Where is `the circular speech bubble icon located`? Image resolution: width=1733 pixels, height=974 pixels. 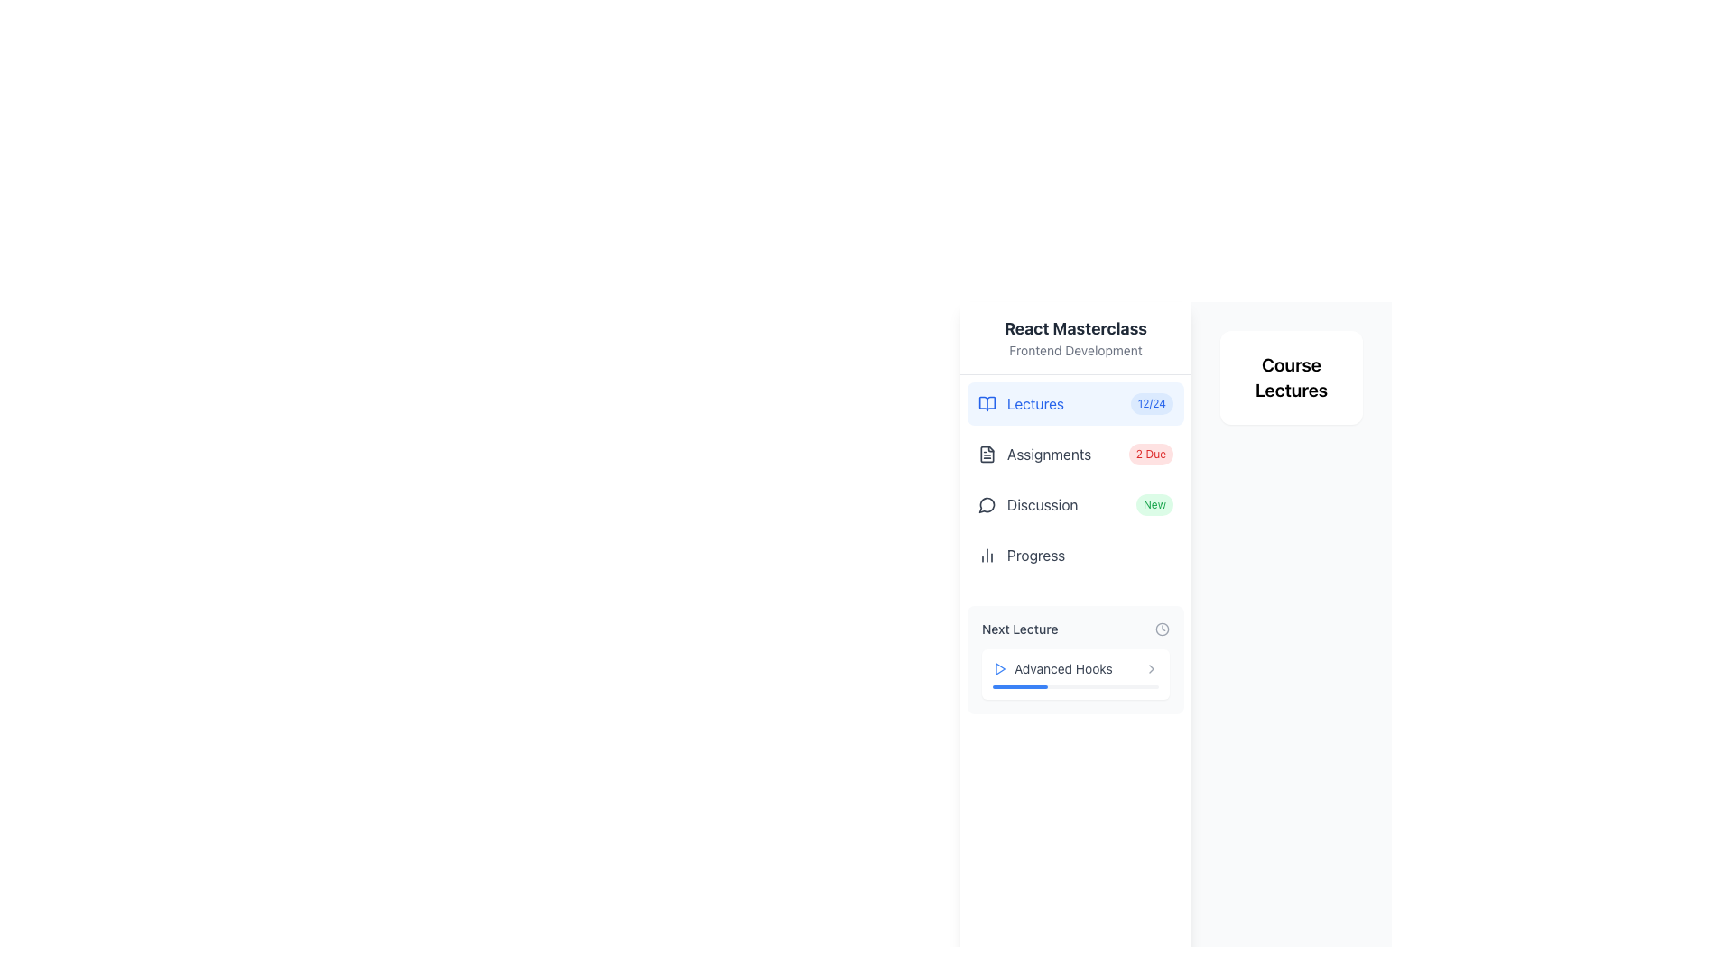 the circular speech bubble icon located is located at coordinates (986, 505).